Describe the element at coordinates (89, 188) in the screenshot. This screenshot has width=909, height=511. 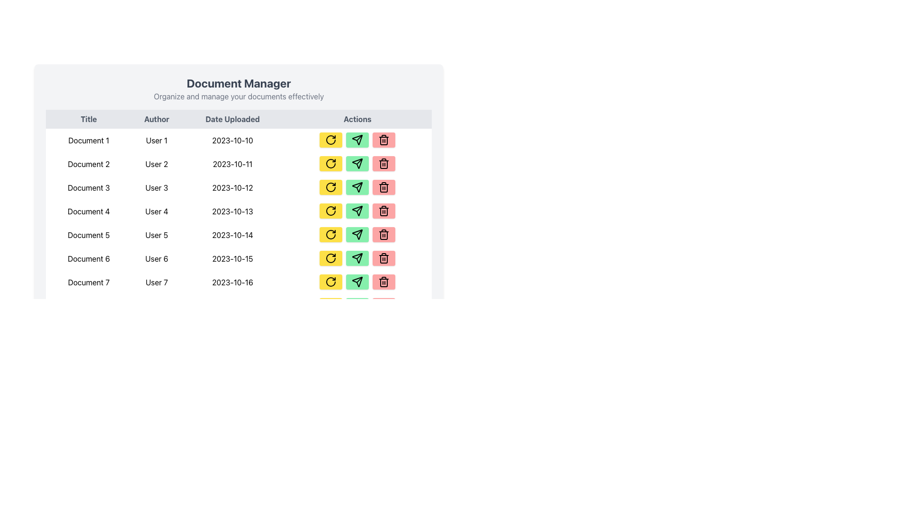
I see `the text element labeled 'Document 3' in the third row of the 'Document Manager' table` at that location.